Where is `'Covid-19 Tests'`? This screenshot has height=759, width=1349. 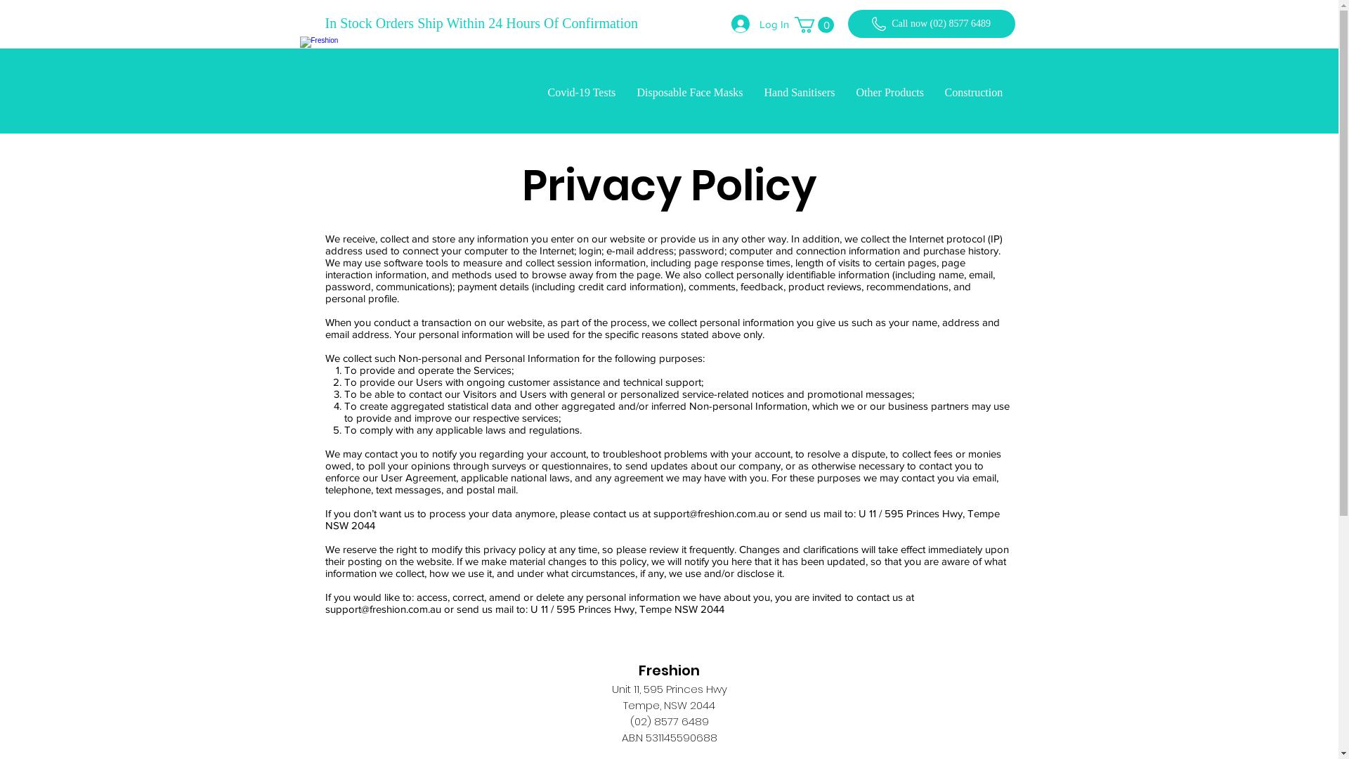 'Covid-19 Tests' is located at coordinates (581, 92).